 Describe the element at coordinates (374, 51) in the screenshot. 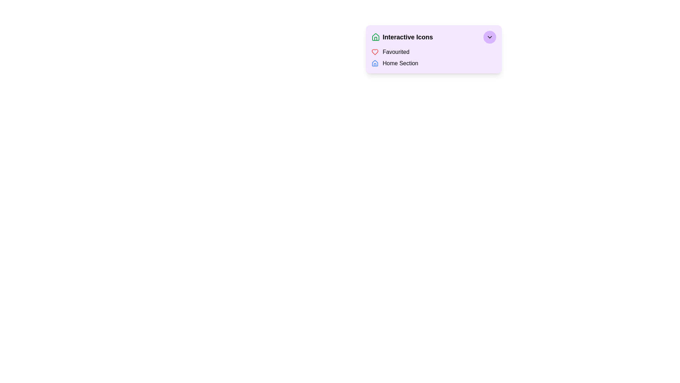

I see `the heart-shaped icon in the second row of the 'Interactive Icons' purple menu box` at that location.